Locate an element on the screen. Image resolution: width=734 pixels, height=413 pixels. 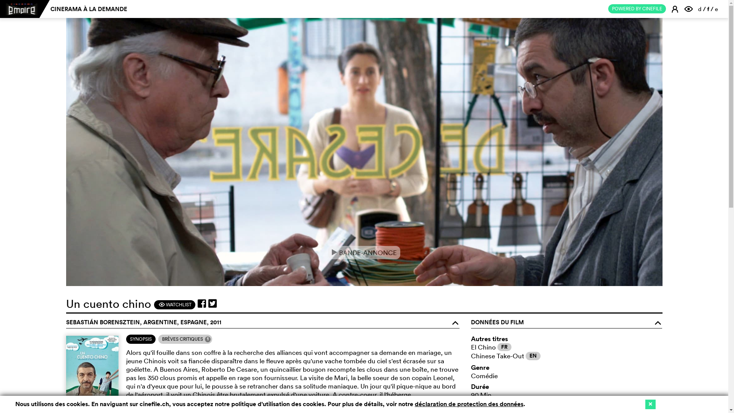
'F WATCHLIST' is located at coordinates (153, 304).